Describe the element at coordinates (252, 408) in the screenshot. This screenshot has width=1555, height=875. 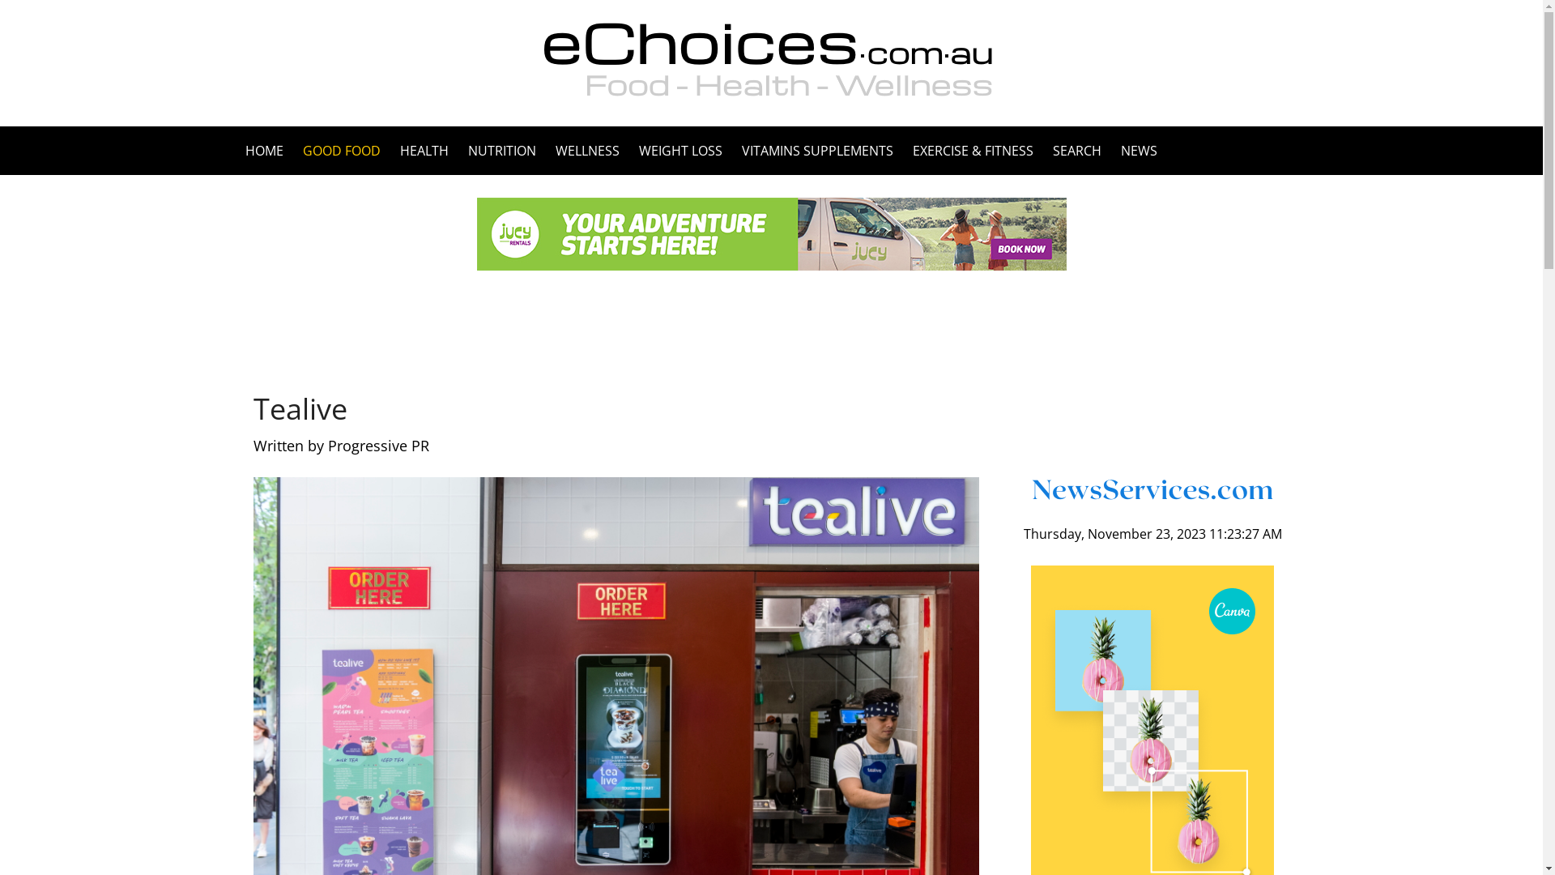
I see `'Tealive'` at that location.